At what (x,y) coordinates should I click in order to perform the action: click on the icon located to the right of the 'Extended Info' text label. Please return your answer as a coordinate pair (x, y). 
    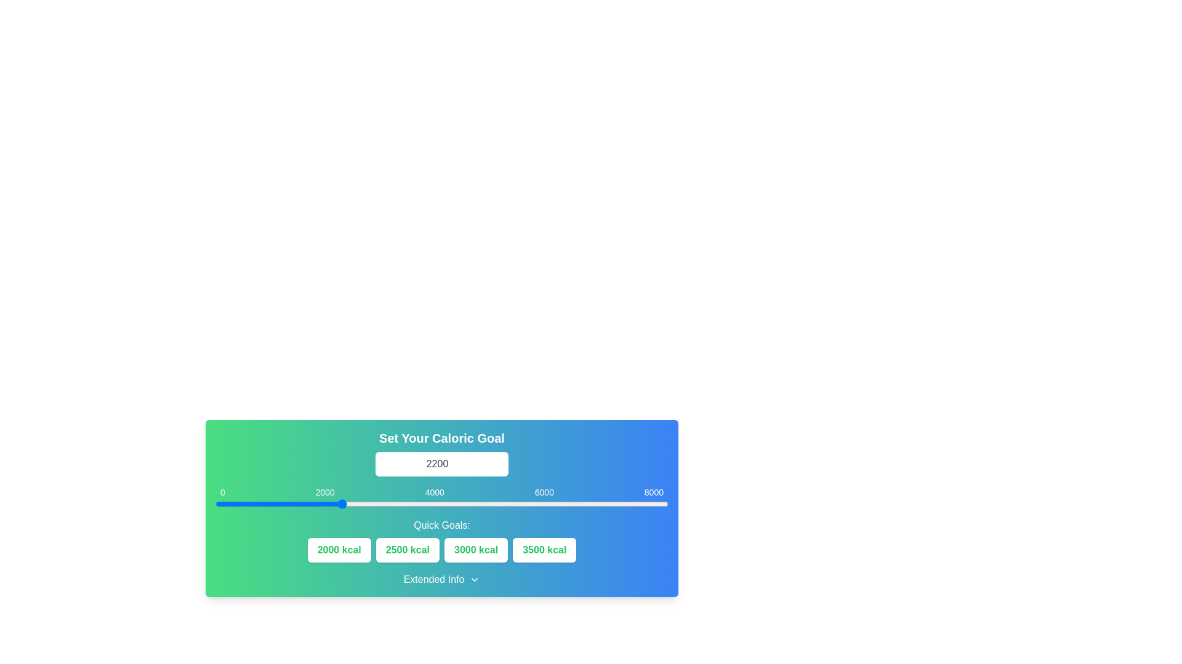
    Looking at the image, I should click on (474, 579).